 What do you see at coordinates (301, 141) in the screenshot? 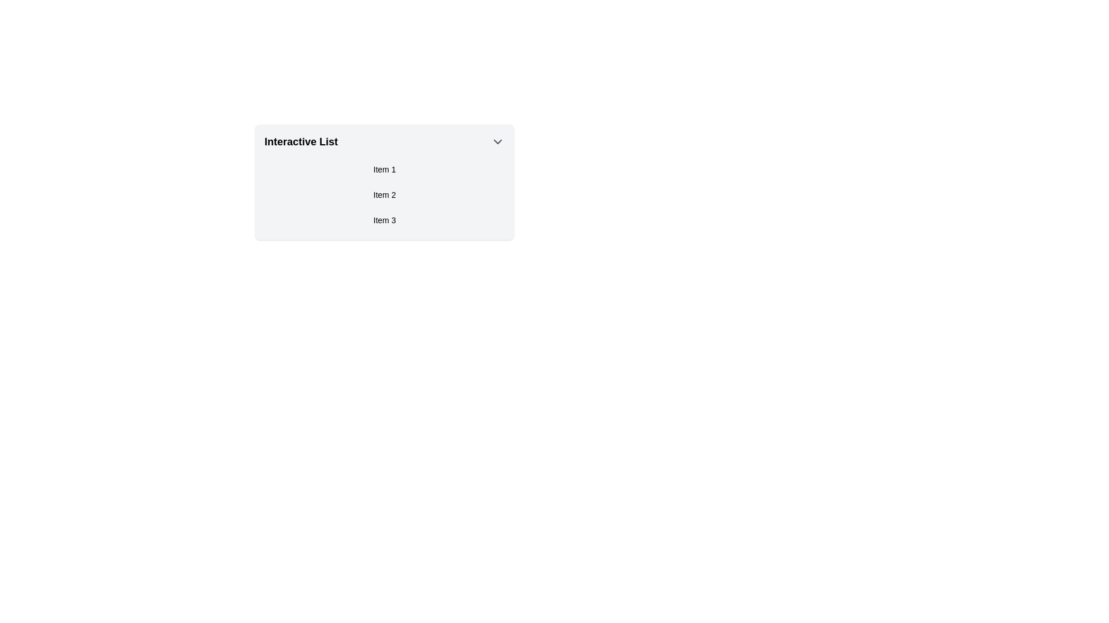
I see `the text label that serves as the header for the interactive list, located at the top left of the list, above other elements like the chevron icon` at bounding box center [301, 141].